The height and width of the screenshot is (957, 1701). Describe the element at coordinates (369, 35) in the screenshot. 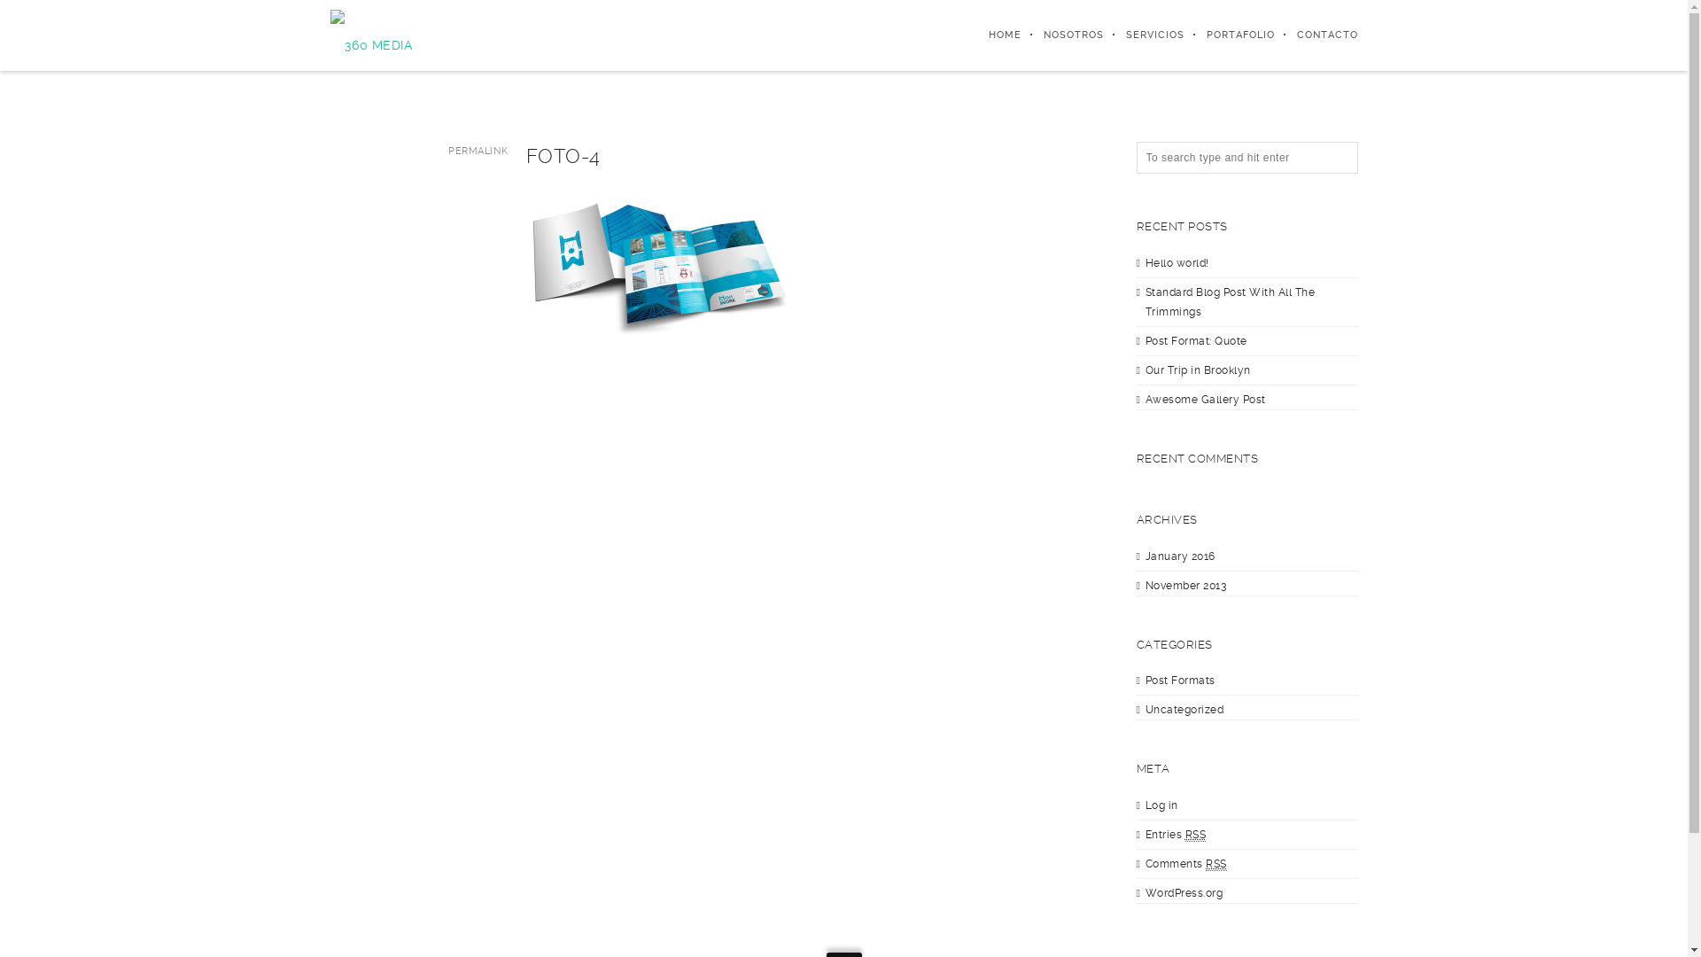

I see `'360 Media'` at that location.